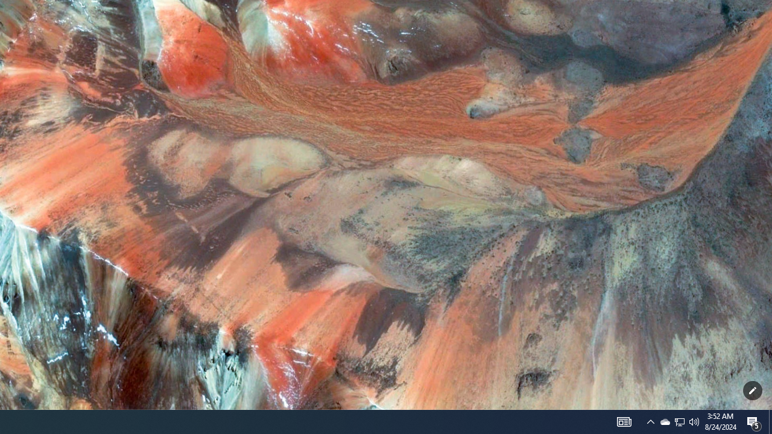 The image size is (772, 434). What do you see at coordinates (680, 421) in the screenshot?
I see `'Notification Chevron'` at bounding box center [680, 421].